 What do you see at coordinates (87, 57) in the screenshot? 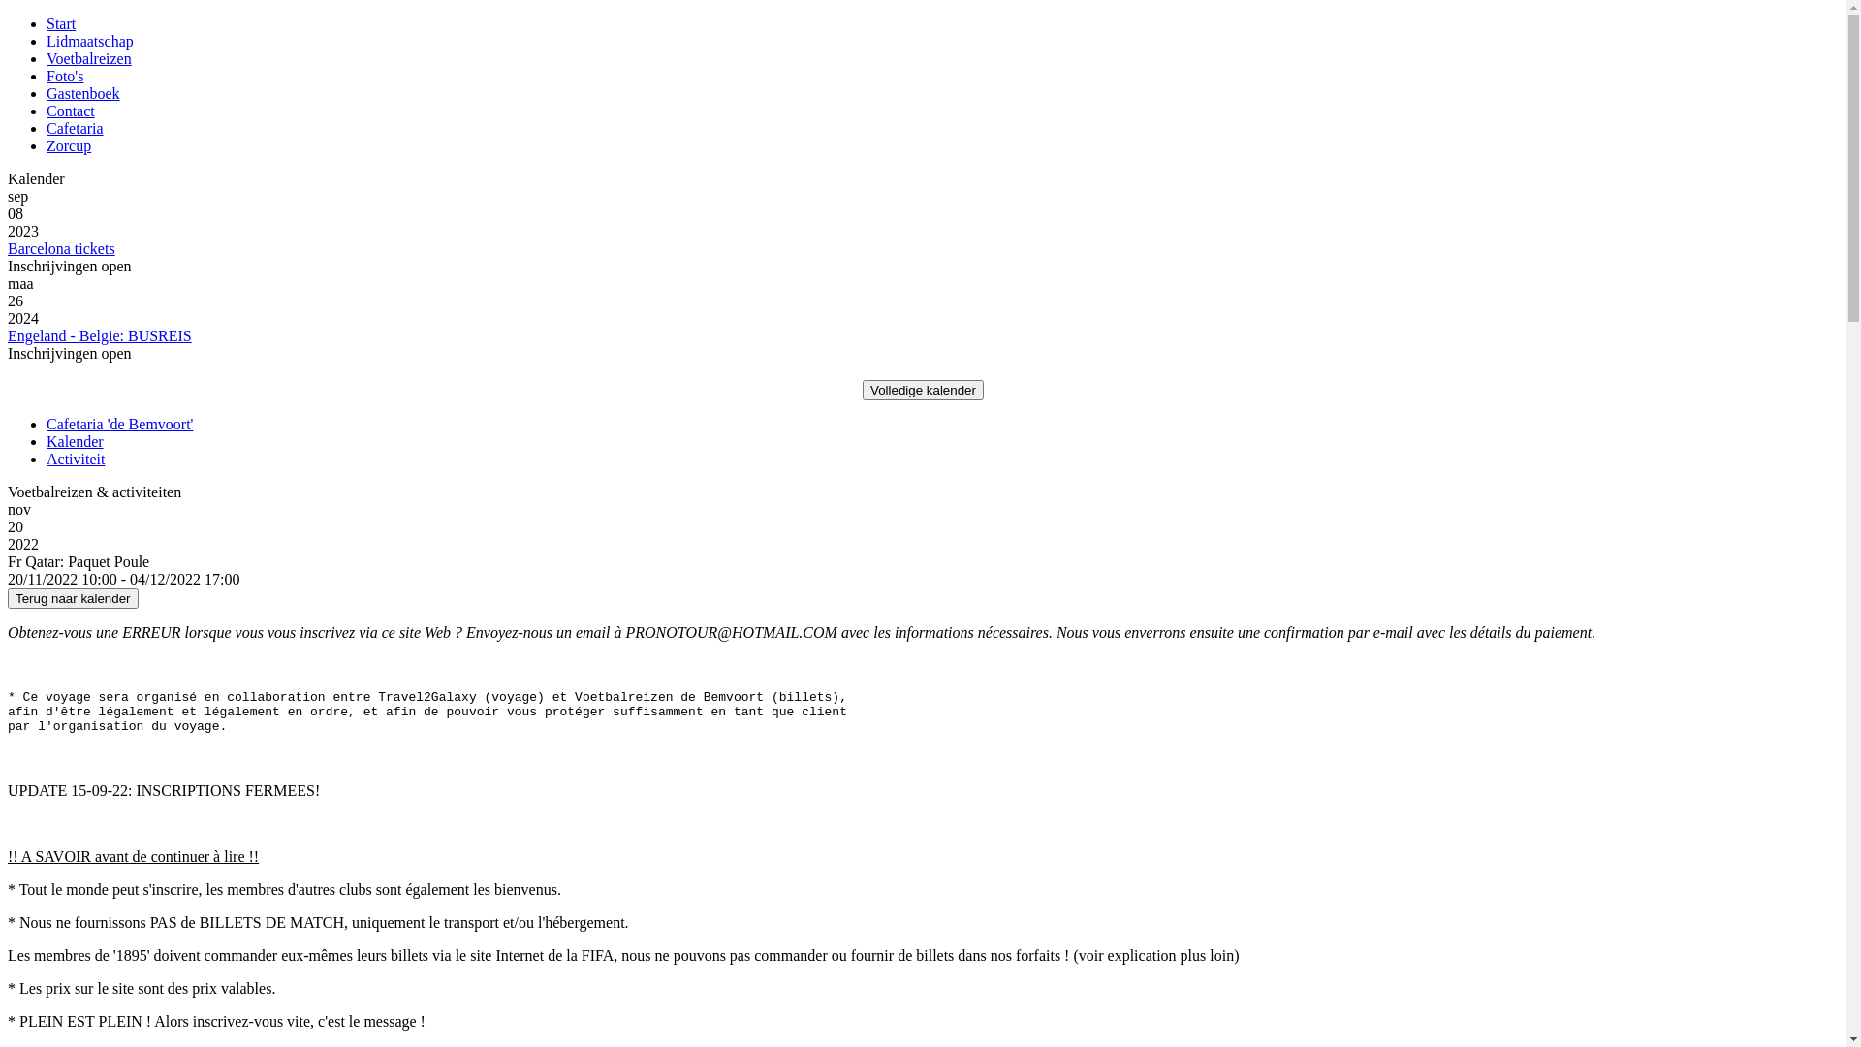
I see `'Voetbalreizen'` at bounding box center [87, 57].